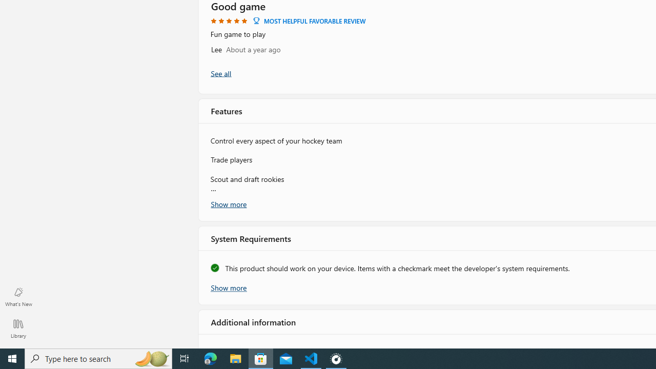 The width and height of the screenshot is (656, 369). Describe the element at coordinates (220, 72) in the screenshot. I see `'Show all ratings and reviews'` at that location.